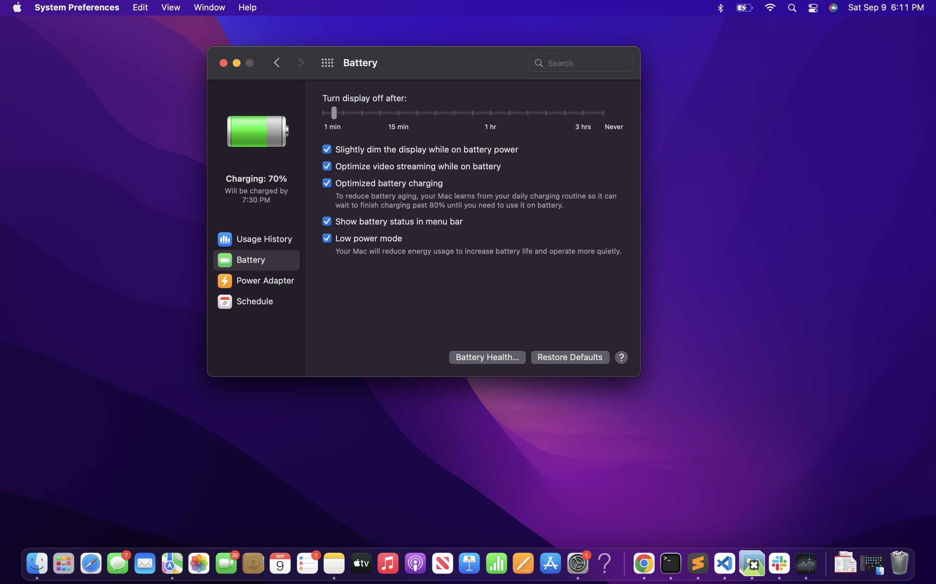 This screenshot has width=936, height=584. What do you see at coordinates (420, 149) in the screenshot?
I see `Turn off the functionality which dims the display while operating on battery` at bounding box center [420, 149].